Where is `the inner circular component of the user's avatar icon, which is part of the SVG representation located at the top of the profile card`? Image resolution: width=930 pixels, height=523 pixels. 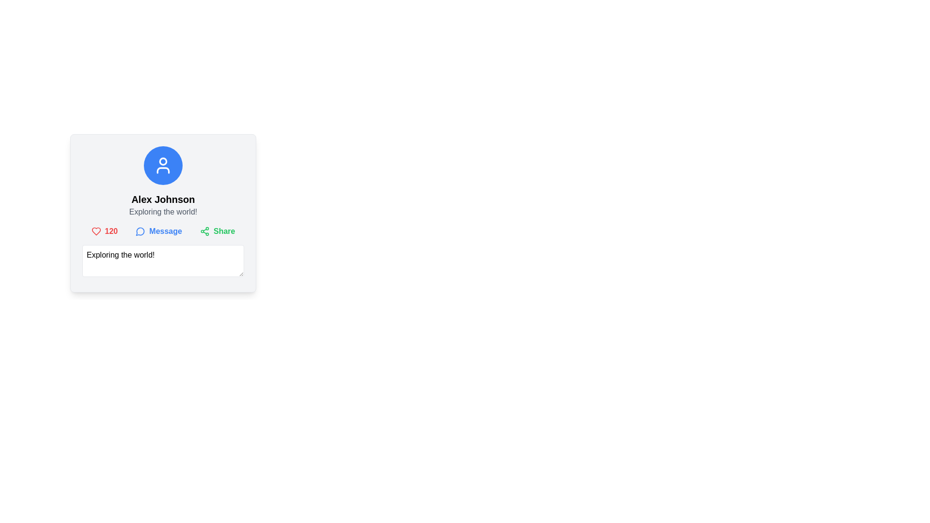
the inner circular component of the user's avatar icon, which is part of the SVG representation located at the top of the profile card is located at coordinates (163, 160).